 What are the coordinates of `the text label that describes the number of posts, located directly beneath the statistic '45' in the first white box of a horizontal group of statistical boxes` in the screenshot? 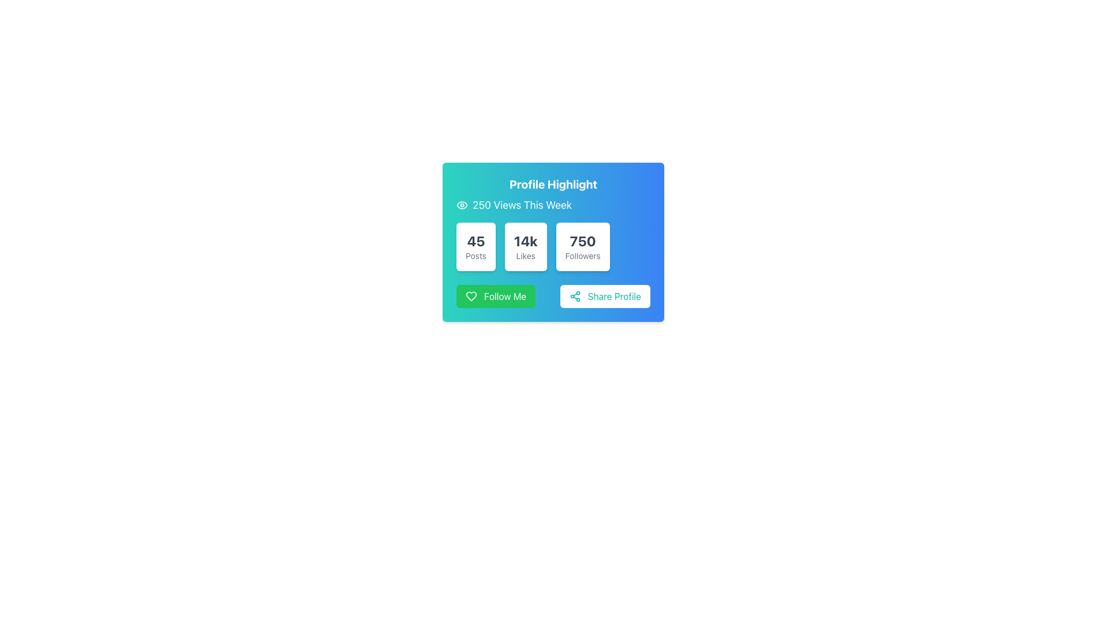 It's located at (476, 255).